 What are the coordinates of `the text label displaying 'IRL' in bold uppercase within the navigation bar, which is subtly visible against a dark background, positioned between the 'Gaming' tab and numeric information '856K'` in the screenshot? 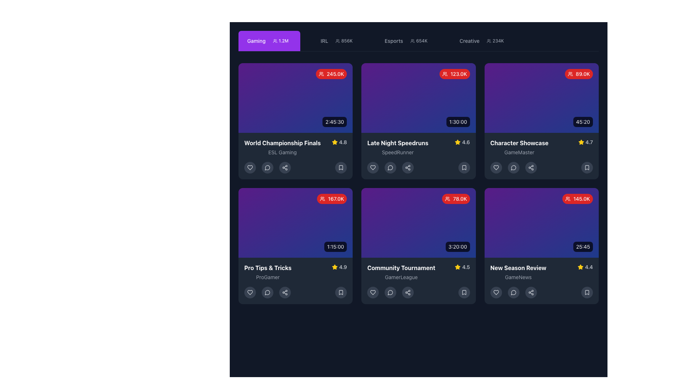 It's located at (324, 41).